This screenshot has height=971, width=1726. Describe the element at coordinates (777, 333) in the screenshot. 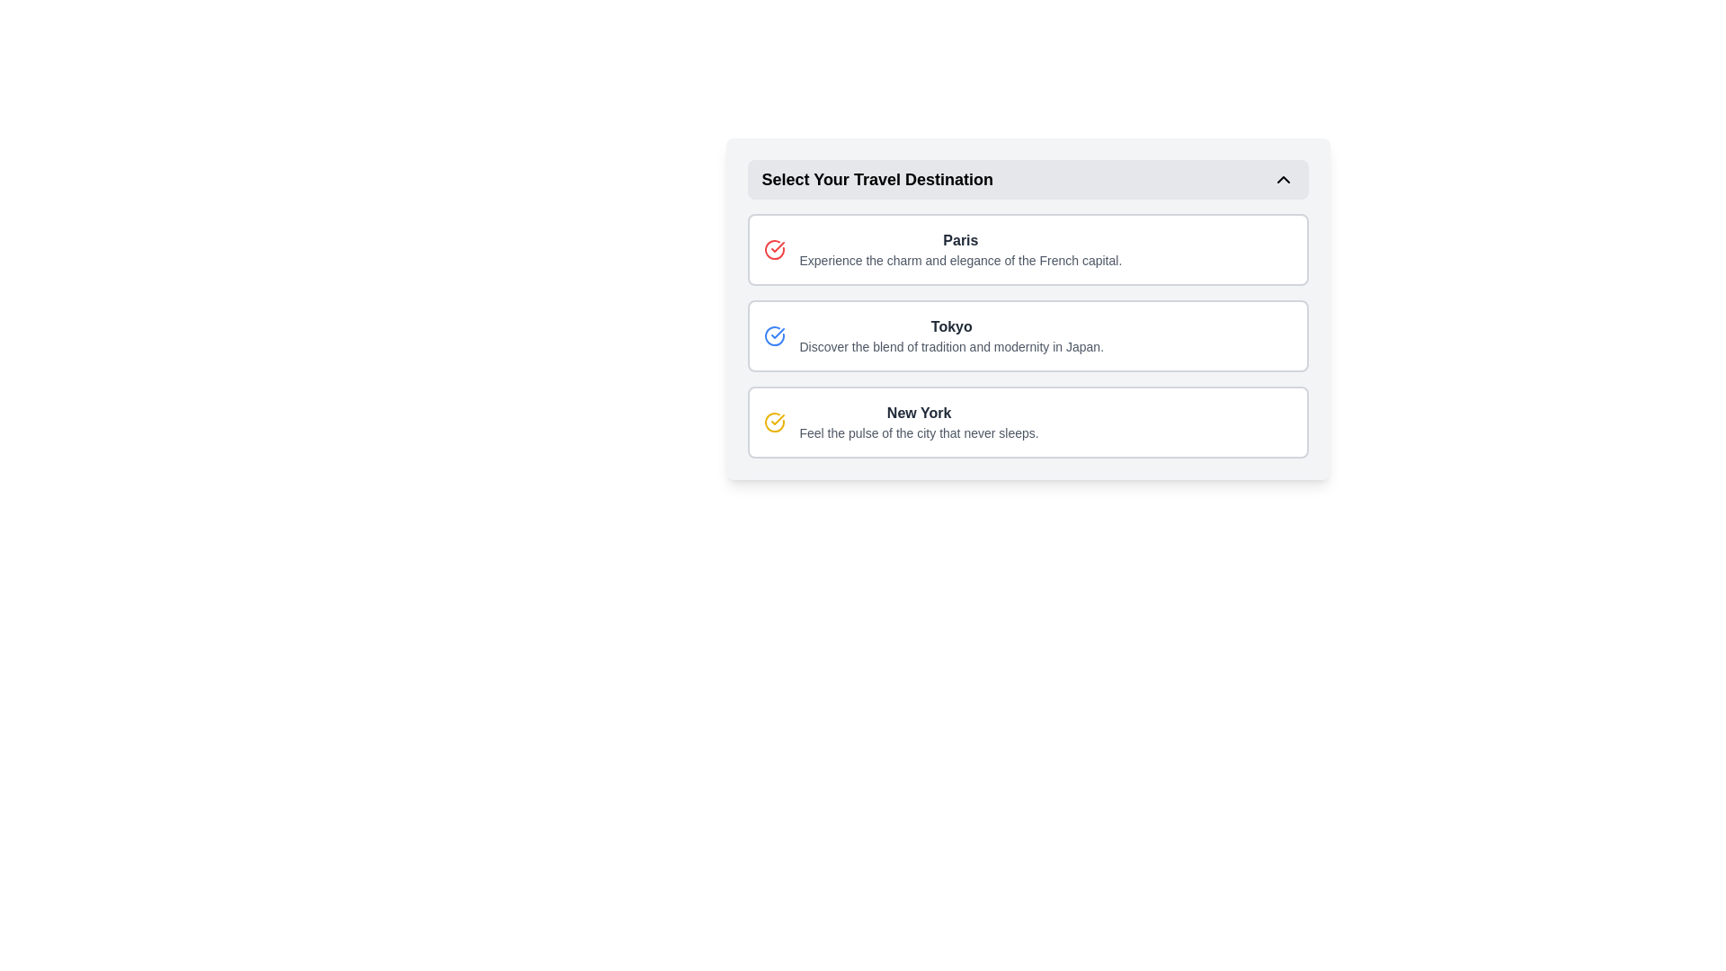

I see `the blue checkmark icon located to the left of the 'Paris' label in the first option row of travel destinations` at that location.